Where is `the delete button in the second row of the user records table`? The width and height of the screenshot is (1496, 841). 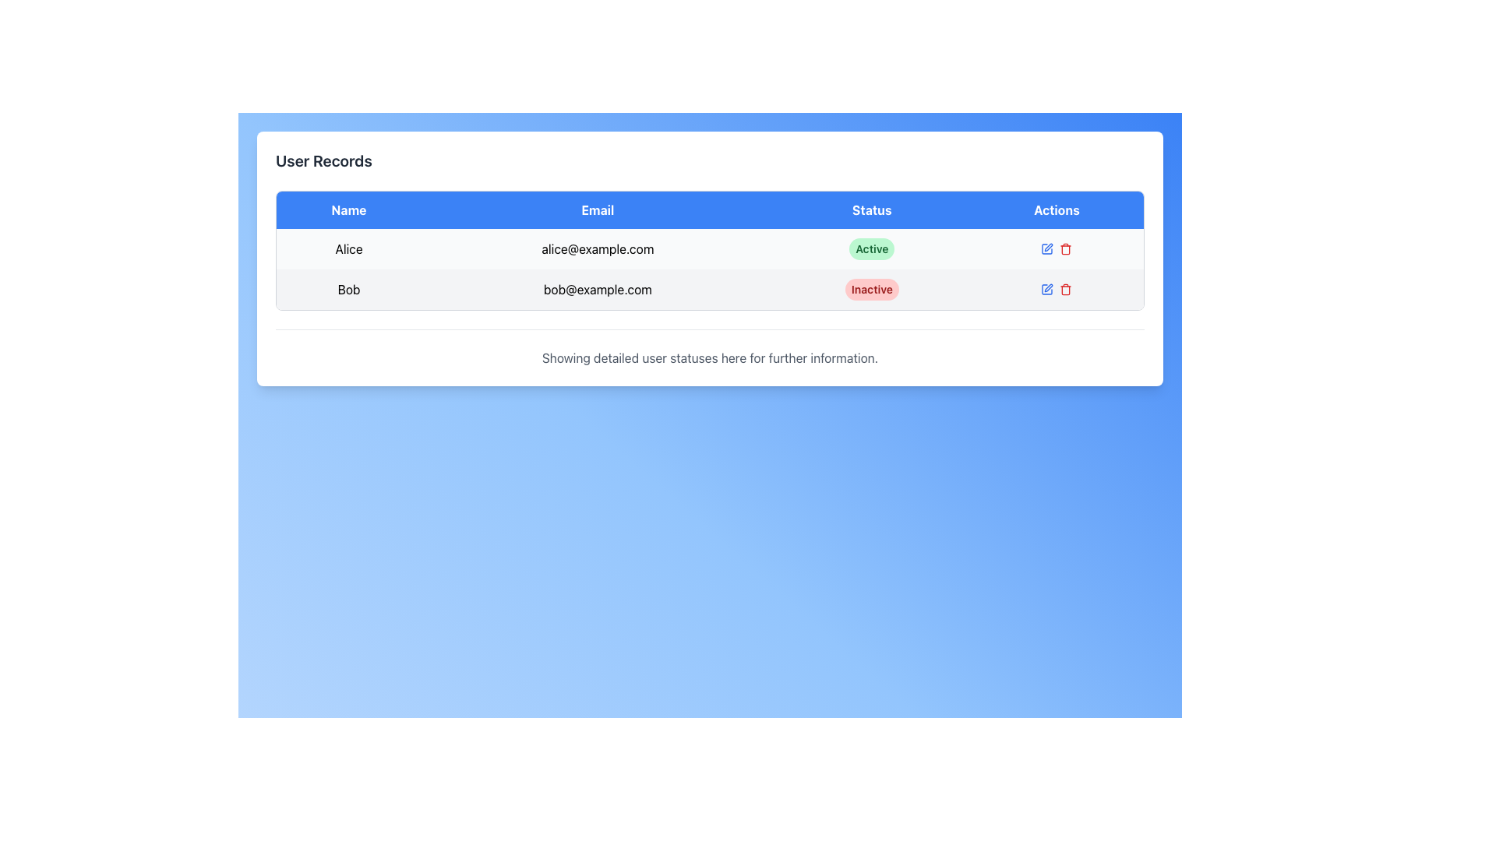 the delete button in the second row of the user records table is located at coordinates (1065, 289).